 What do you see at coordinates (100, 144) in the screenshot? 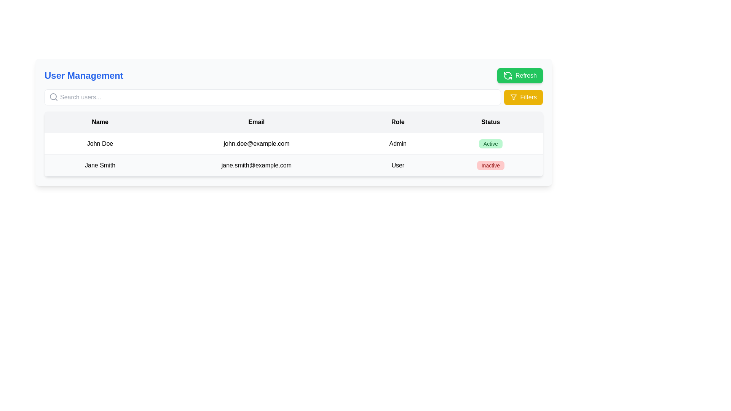
I see `the text label displaying 'John Doe'` at bounding box center [100, 144].